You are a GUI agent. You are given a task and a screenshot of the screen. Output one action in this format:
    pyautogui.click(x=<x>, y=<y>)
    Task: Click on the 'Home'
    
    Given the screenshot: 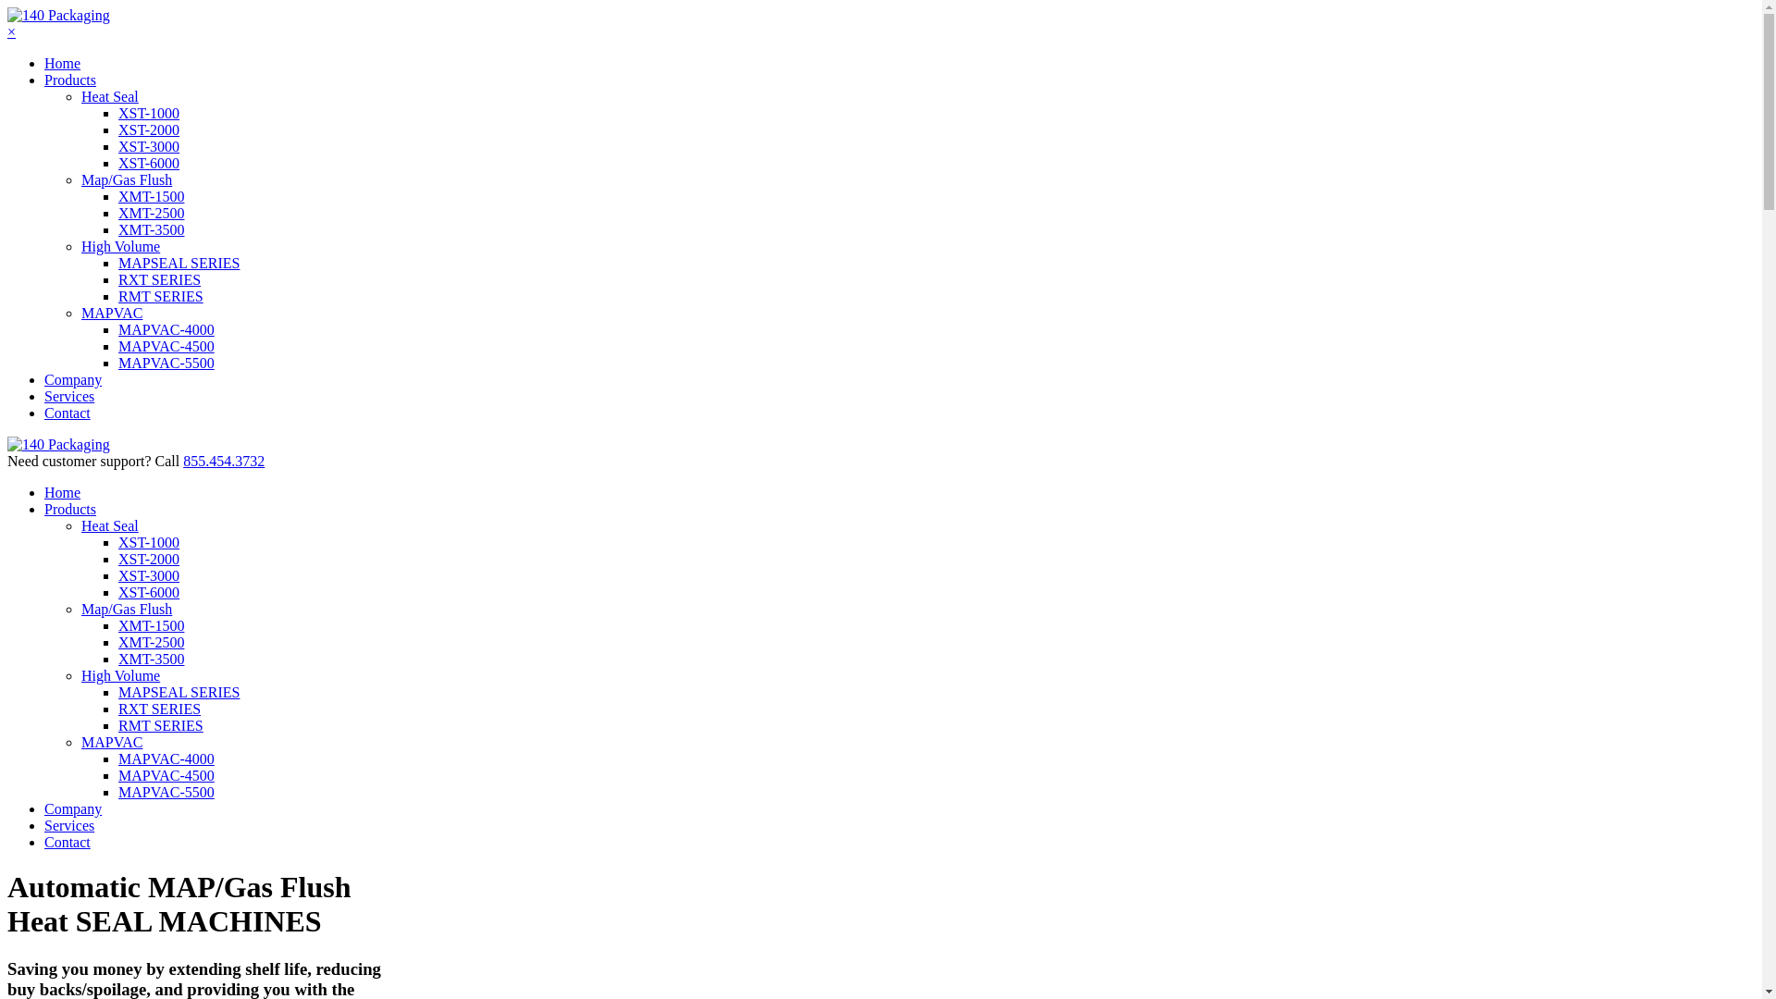 What is the action you would take?
    pyautogui.click(x=62, y=62)
    